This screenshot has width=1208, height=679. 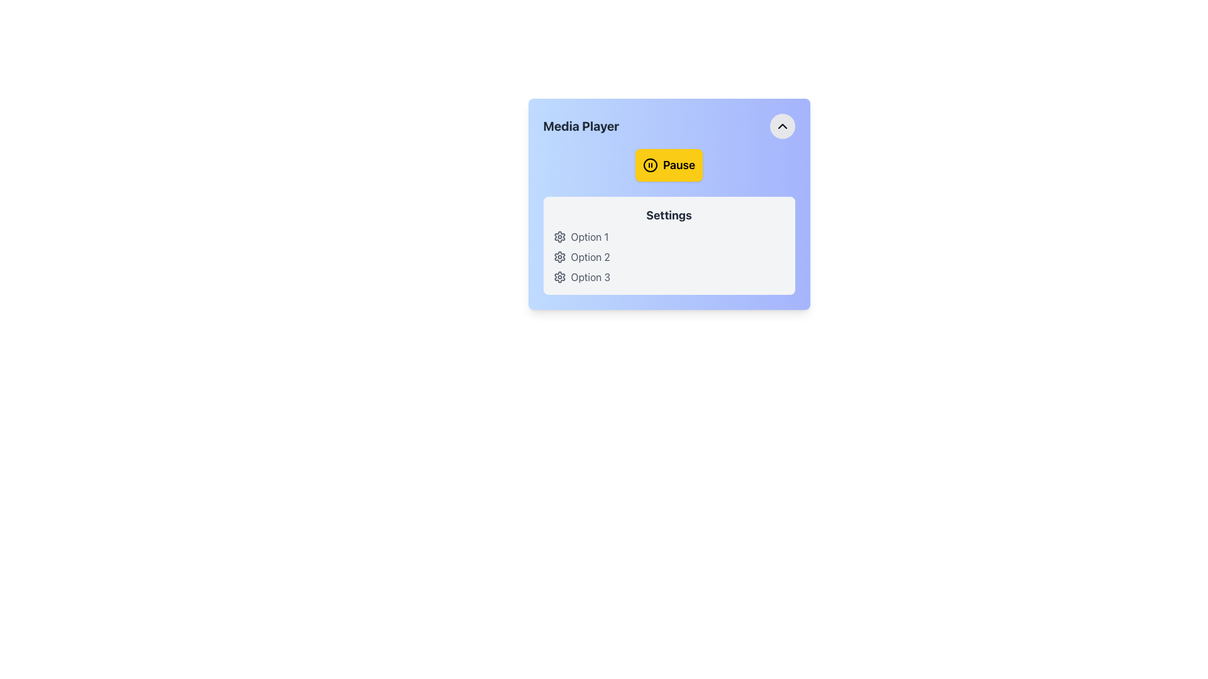 I want to click on text label indicating the pause action located on the right side of the pause button in the media player interface, so click(x=678, y=164).